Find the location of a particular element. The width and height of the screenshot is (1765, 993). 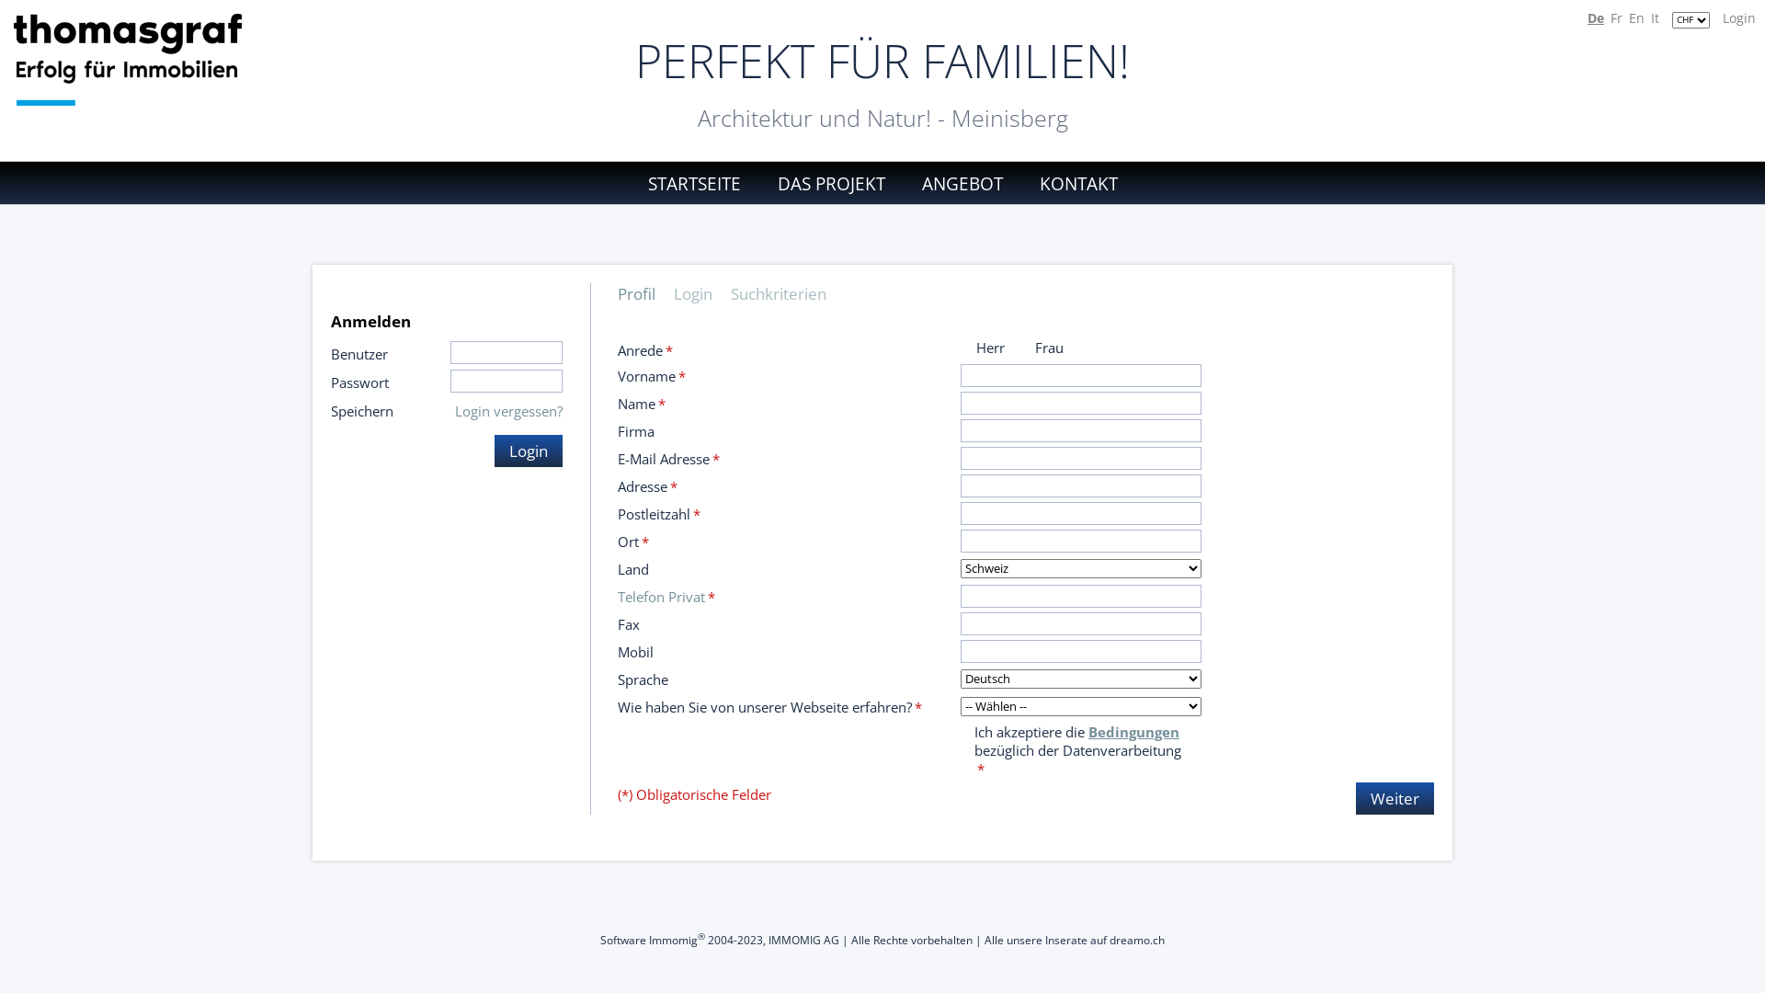

'STARTSEITE' is located at coordinates (700, 183).